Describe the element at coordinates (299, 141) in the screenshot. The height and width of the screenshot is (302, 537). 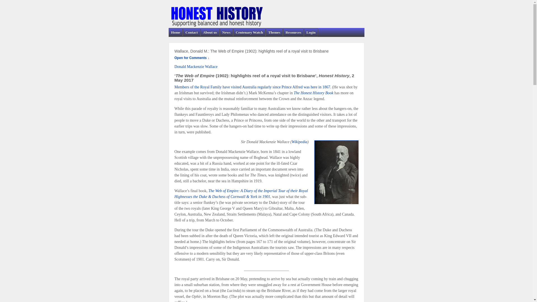
I see `'Wikipedia'` at that location.